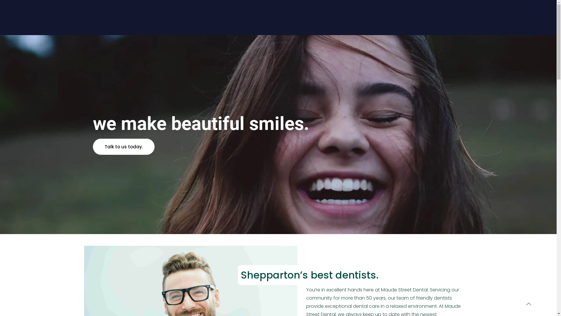 This screenshot has width=561, height=316. What do you see at coordinates (92, 146) in the screenshot?
I see `'Talk to us today.'` at bounding box center [92, 146].